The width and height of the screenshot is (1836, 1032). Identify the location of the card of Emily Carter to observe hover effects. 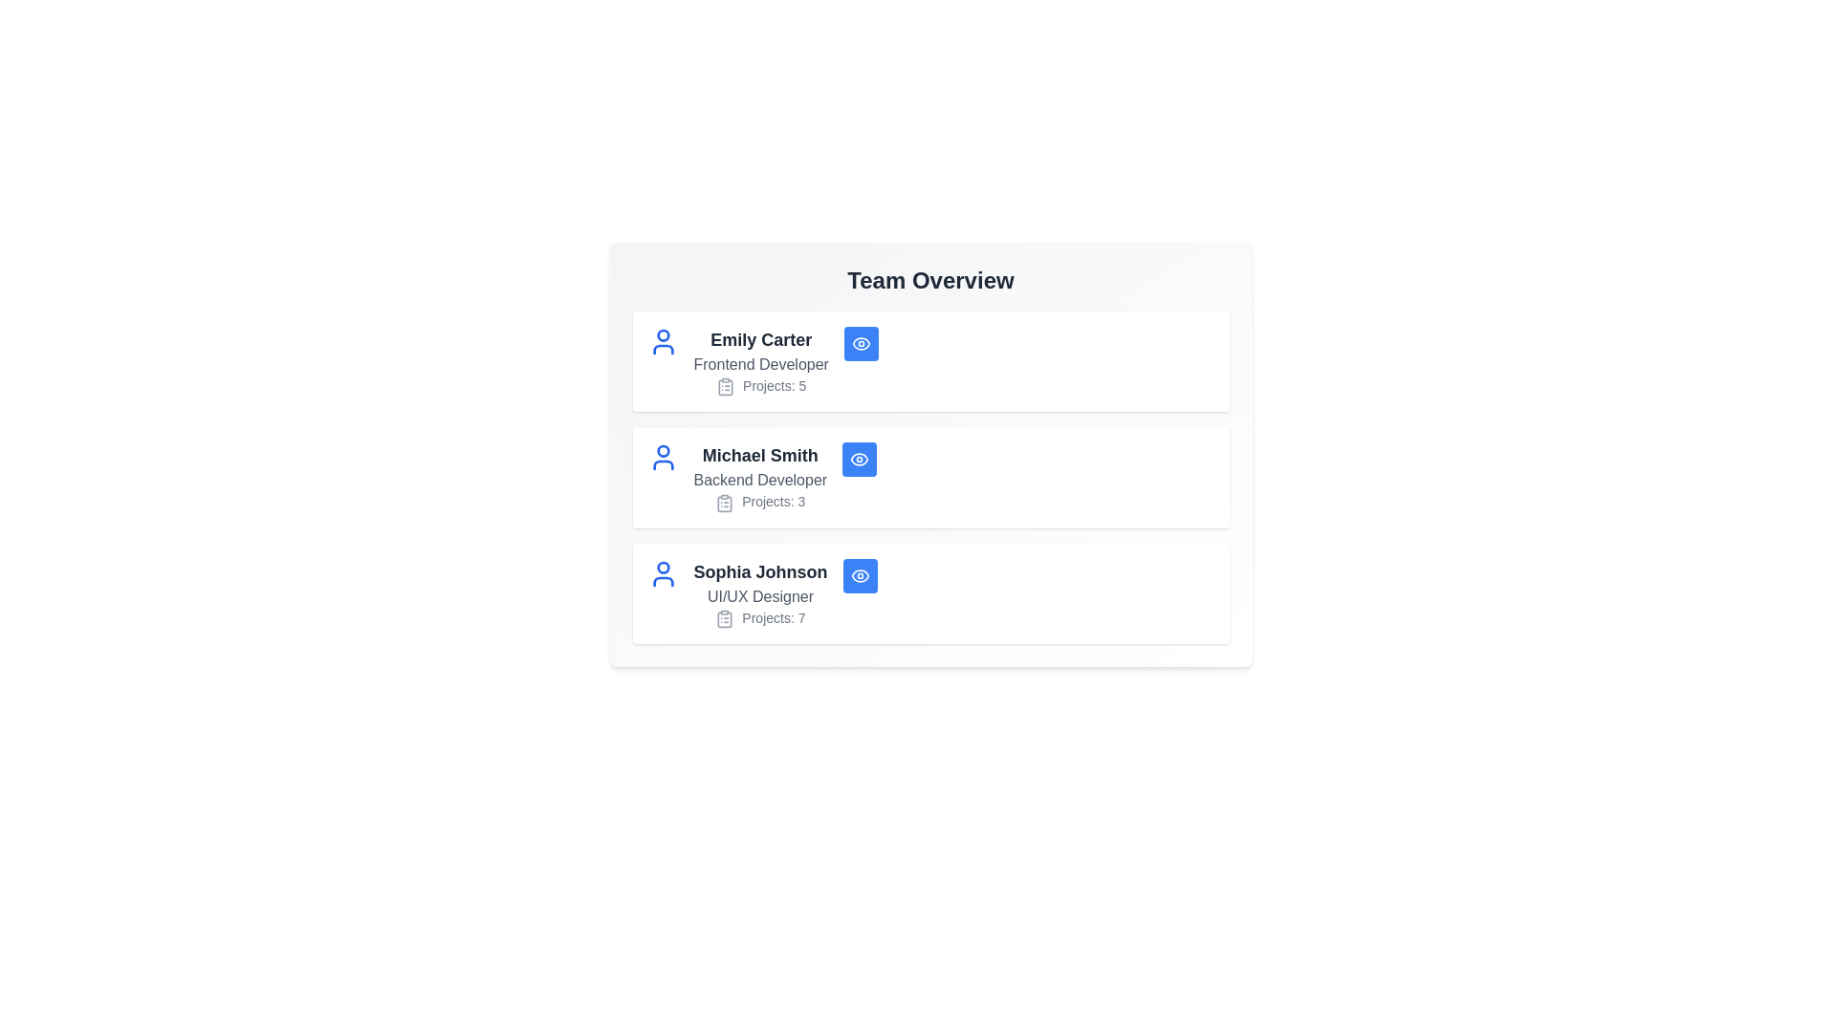
(930, 361).